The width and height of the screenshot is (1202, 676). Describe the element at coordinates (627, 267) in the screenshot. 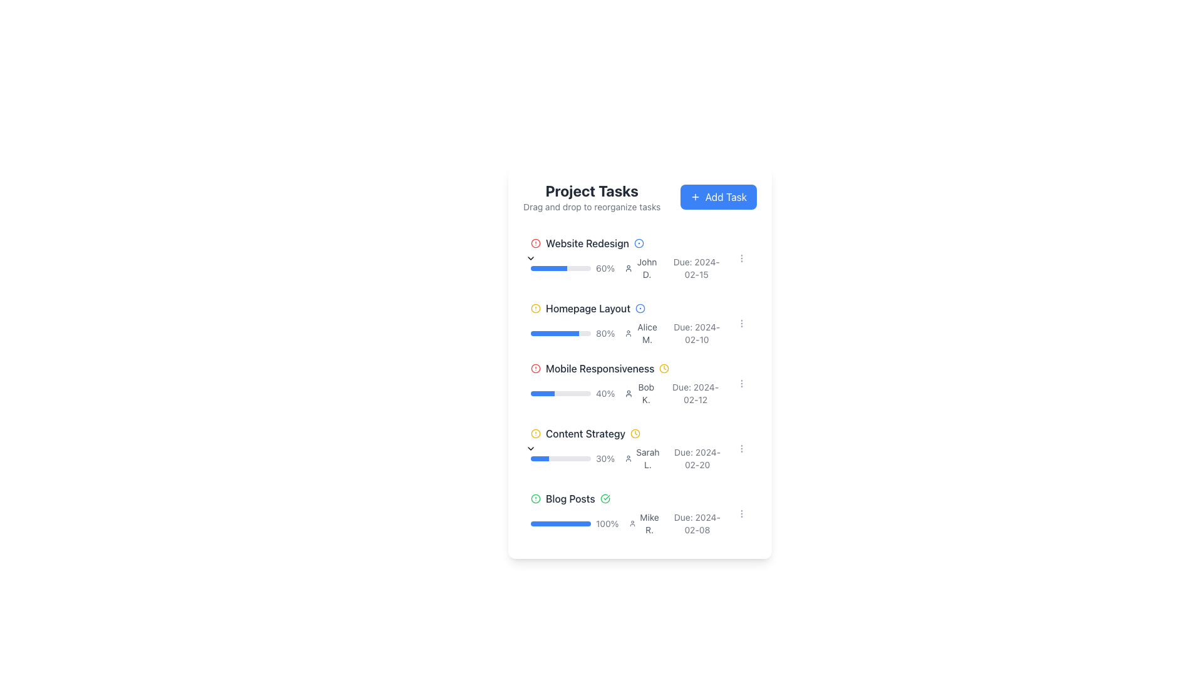

I see `the user avatar icon in the task component for 'Website Redesign', which includes a progress bar showing '60%', the name 'John D.', and a due date of '2024-02-15'` at that location.